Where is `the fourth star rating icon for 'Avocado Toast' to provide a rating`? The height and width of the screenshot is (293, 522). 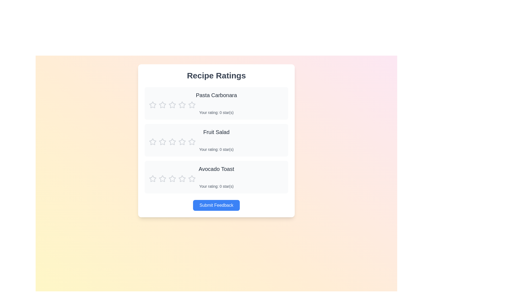 the fourth star rating icon for 'Avocado Toast' to provide a rating is located at coordinates (172, 179).